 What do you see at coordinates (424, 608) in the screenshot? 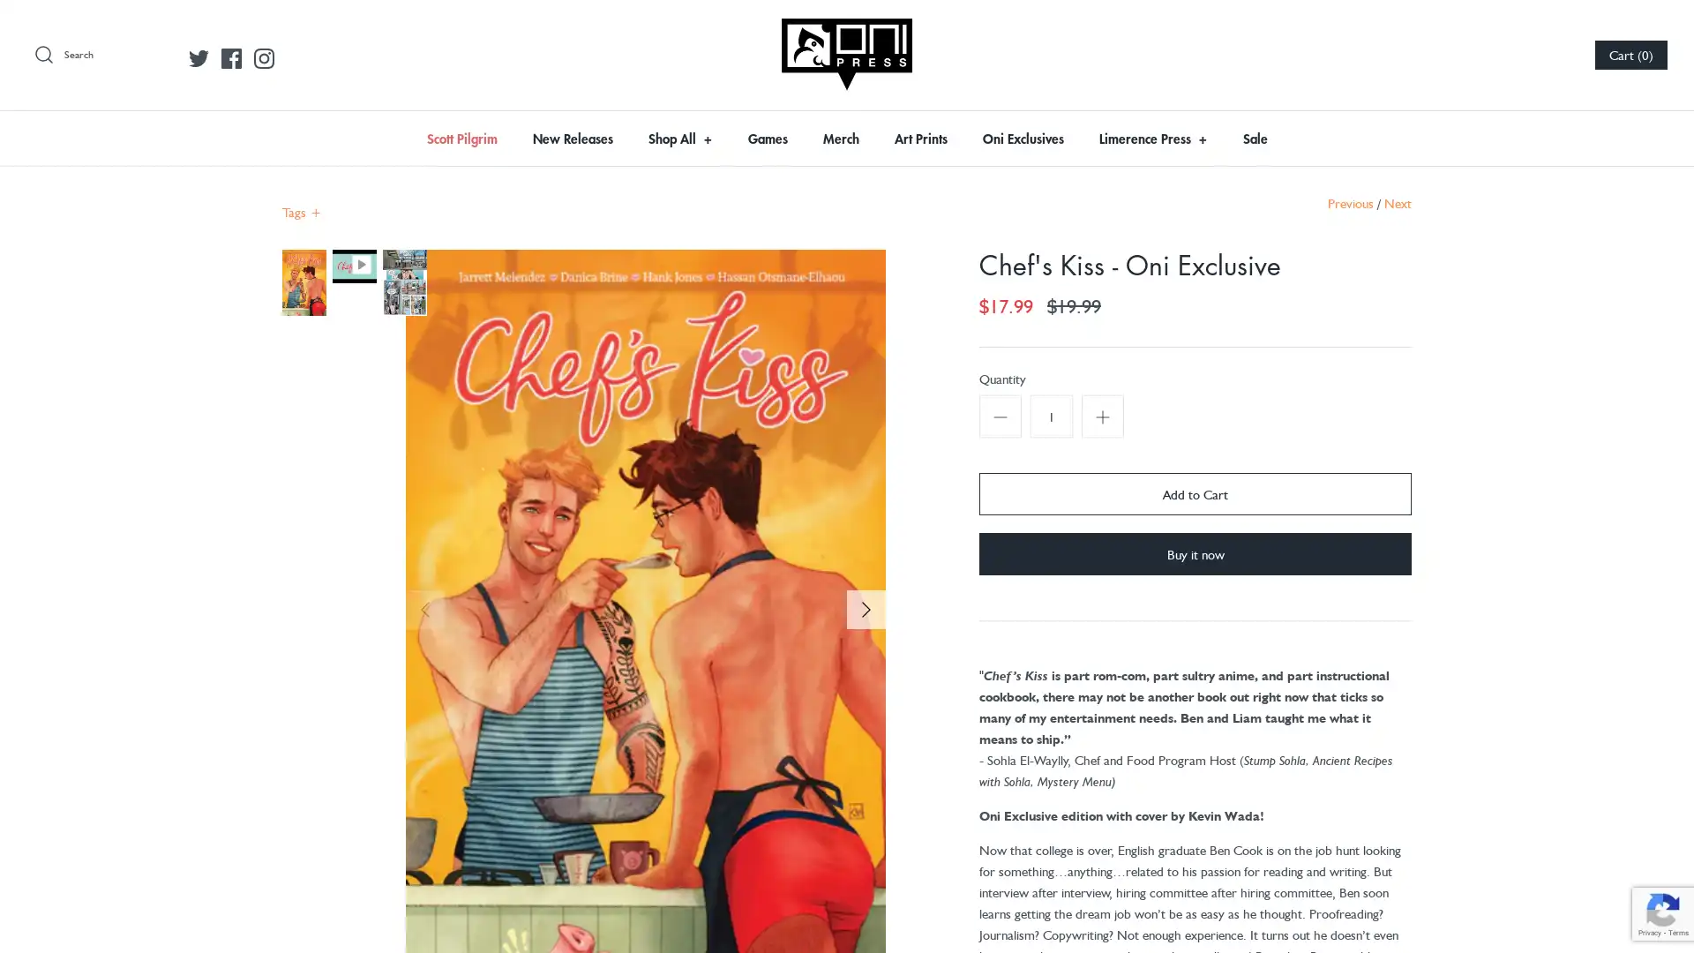
I see `Previous` at bounding box center [424, 608].